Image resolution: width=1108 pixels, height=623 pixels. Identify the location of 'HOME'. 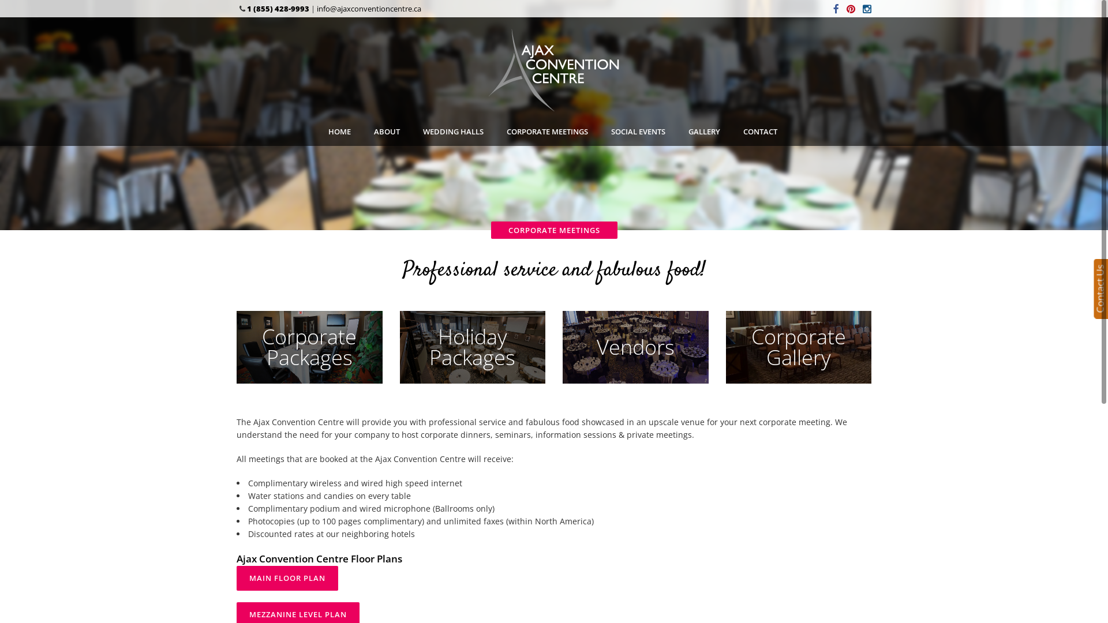
(339, 130).